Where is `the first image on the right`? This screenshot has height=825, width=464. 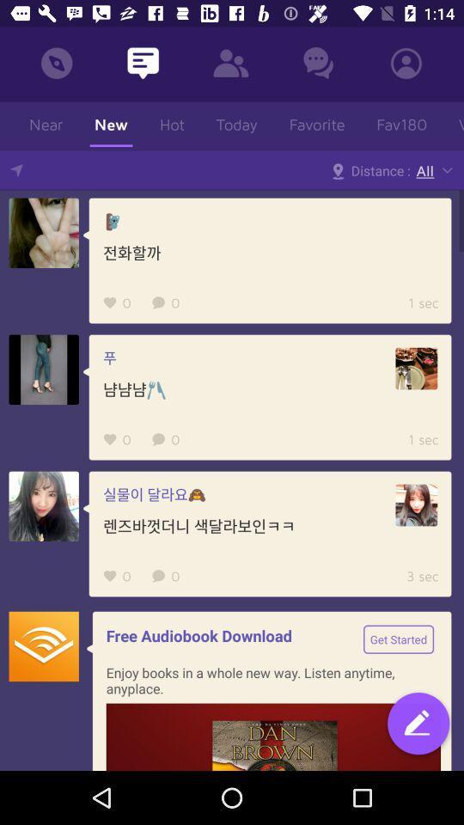 the first image on the right is located at coordinates (415, 369).